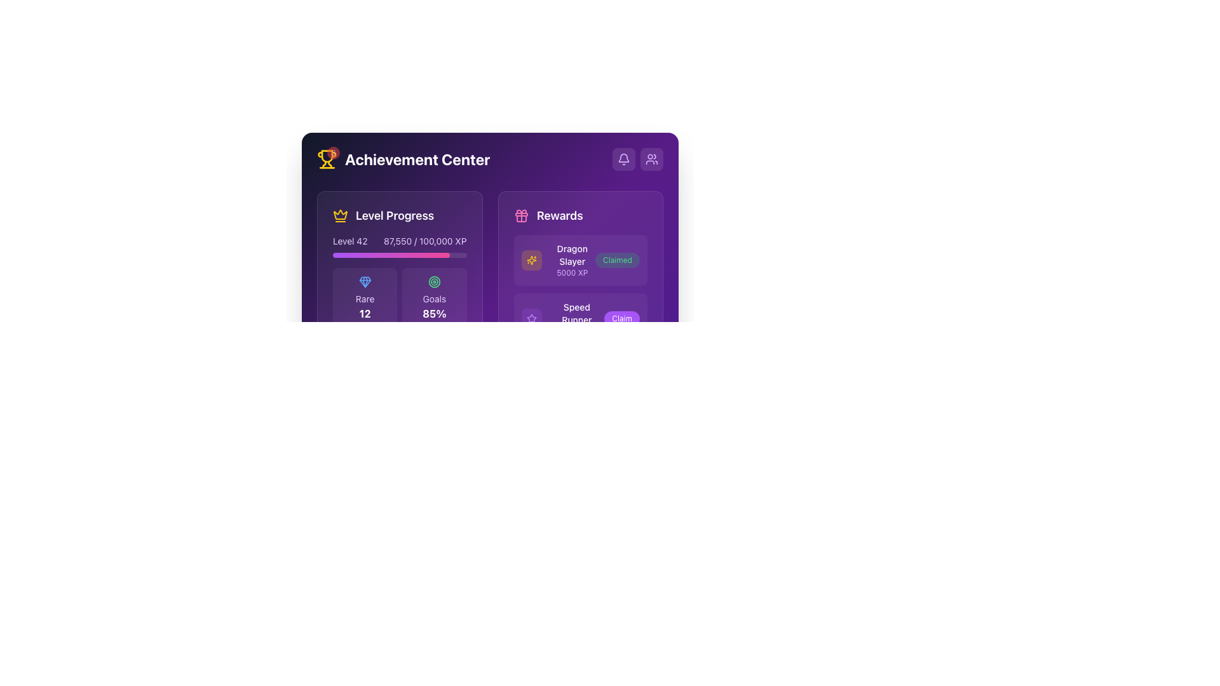 The height and width of the screenshot is (686, 1220). Describe the element at coordinates (652, 158) in the screenshot. I see `the user management button located in the upper-right corner of the interface, which is the second button in a row of two` at that location.